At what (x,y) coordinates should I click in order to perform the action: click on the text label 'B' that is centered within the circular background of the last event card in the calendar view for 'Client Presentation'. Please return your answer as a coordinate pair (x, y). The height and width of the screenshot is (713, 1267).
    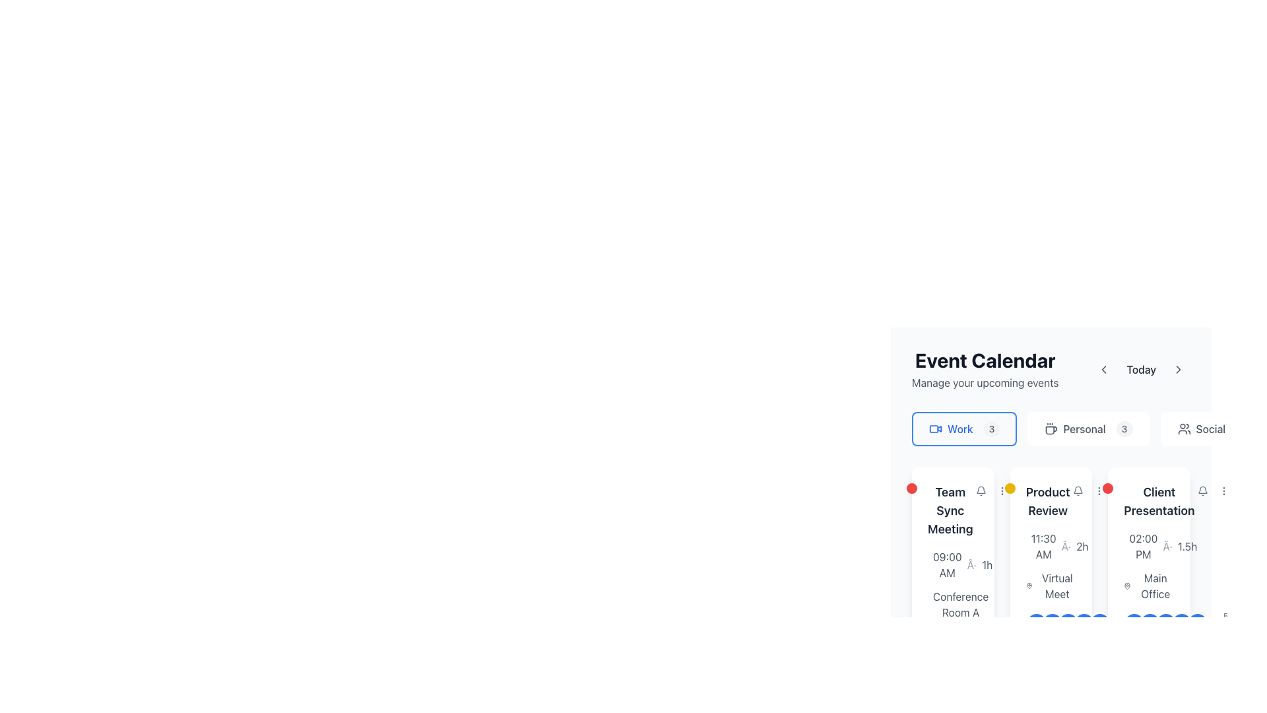
    Looking at the image, I should click on (1150, 623).